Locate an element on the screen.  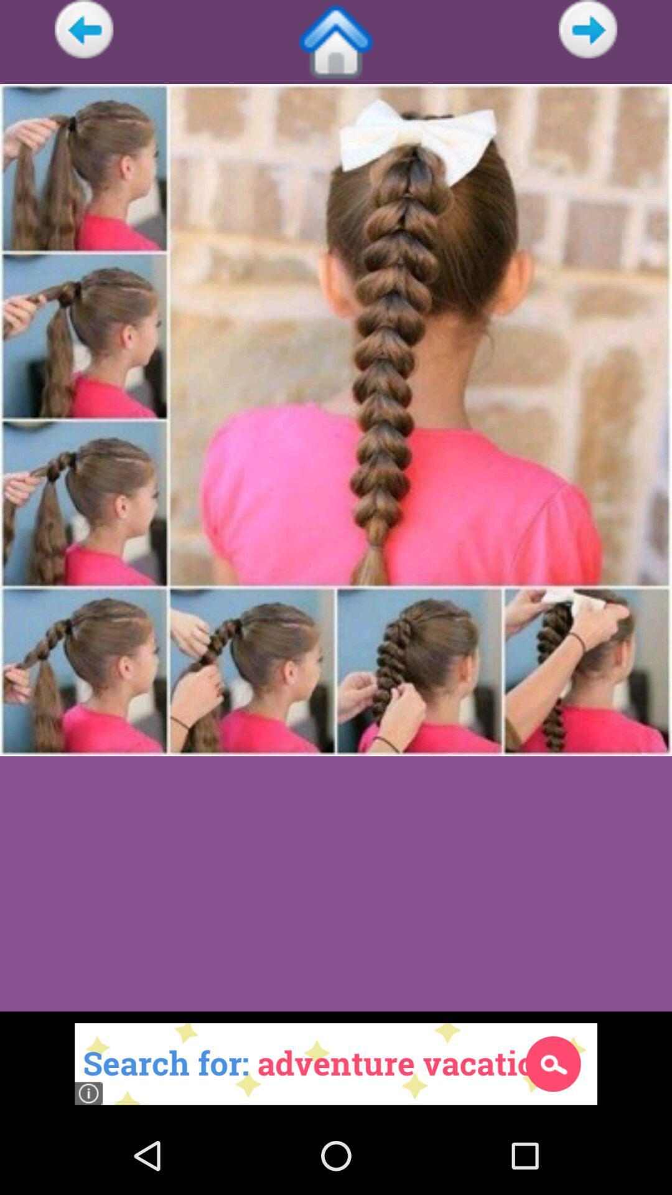
the home icon is located at coordinates (336, 45).